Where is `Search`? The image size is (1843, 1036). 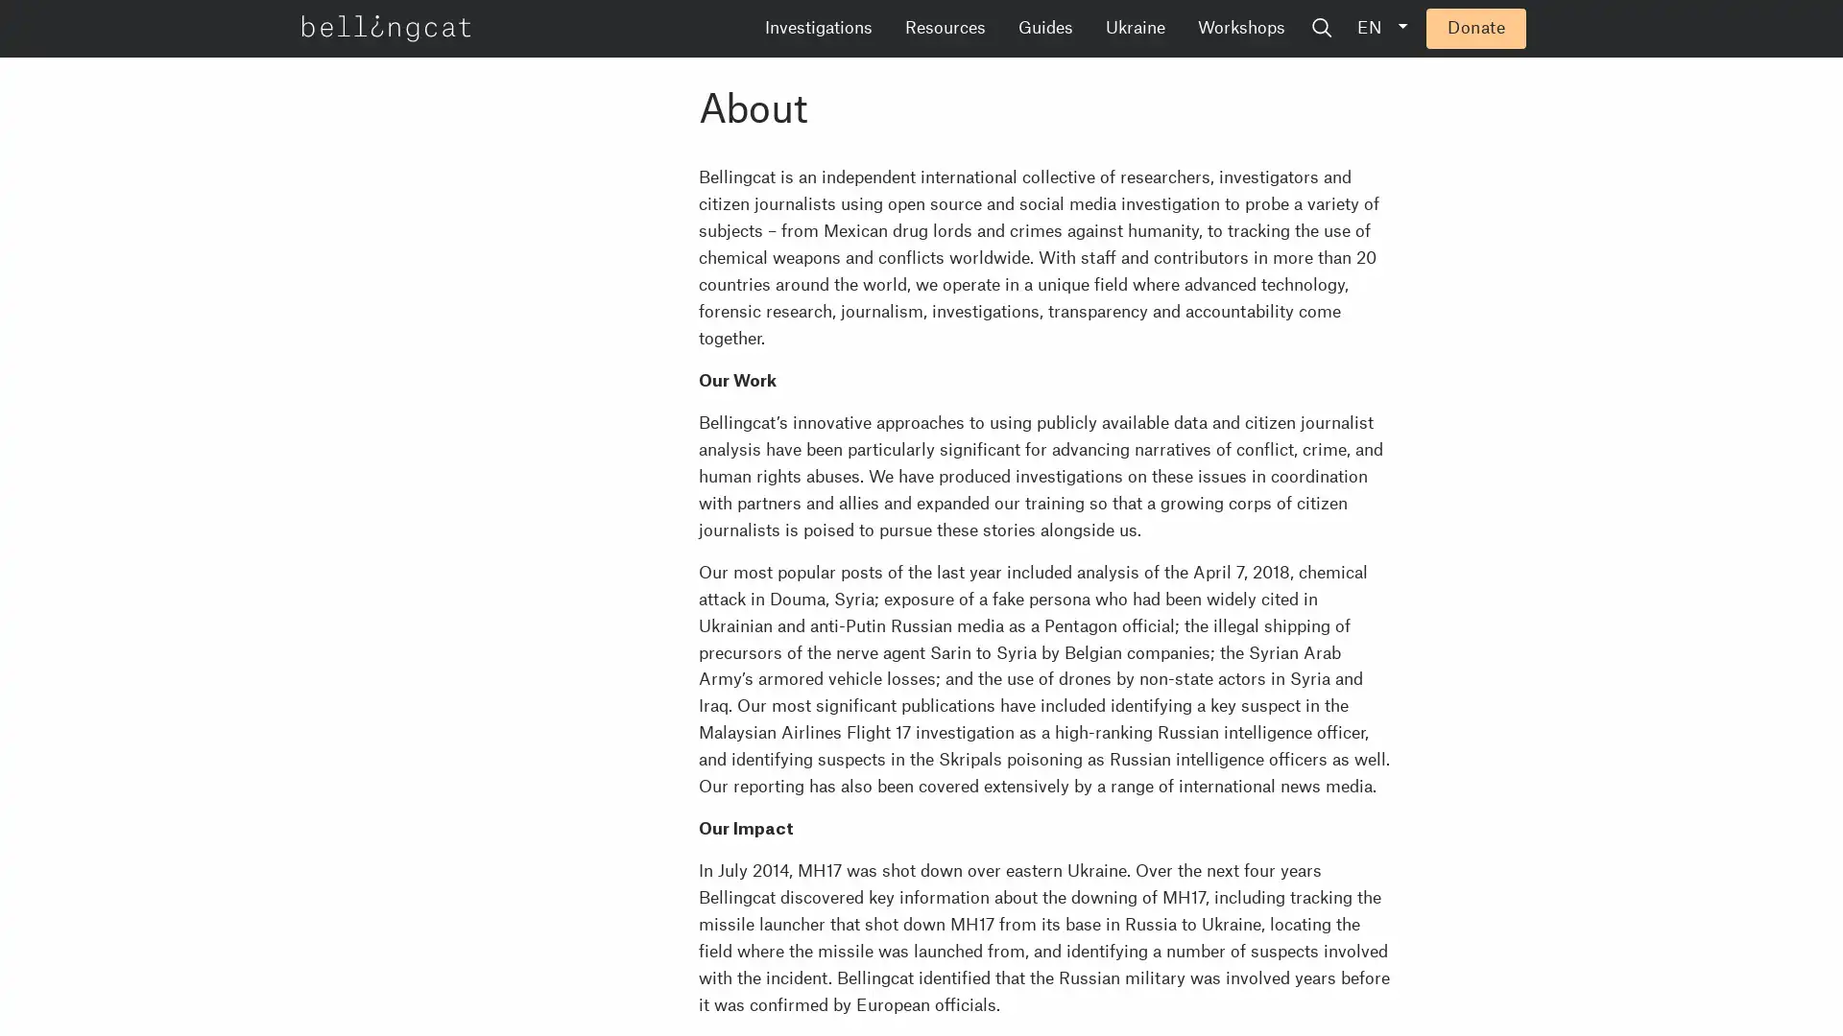 Search is located at coordinates (1468, 29).